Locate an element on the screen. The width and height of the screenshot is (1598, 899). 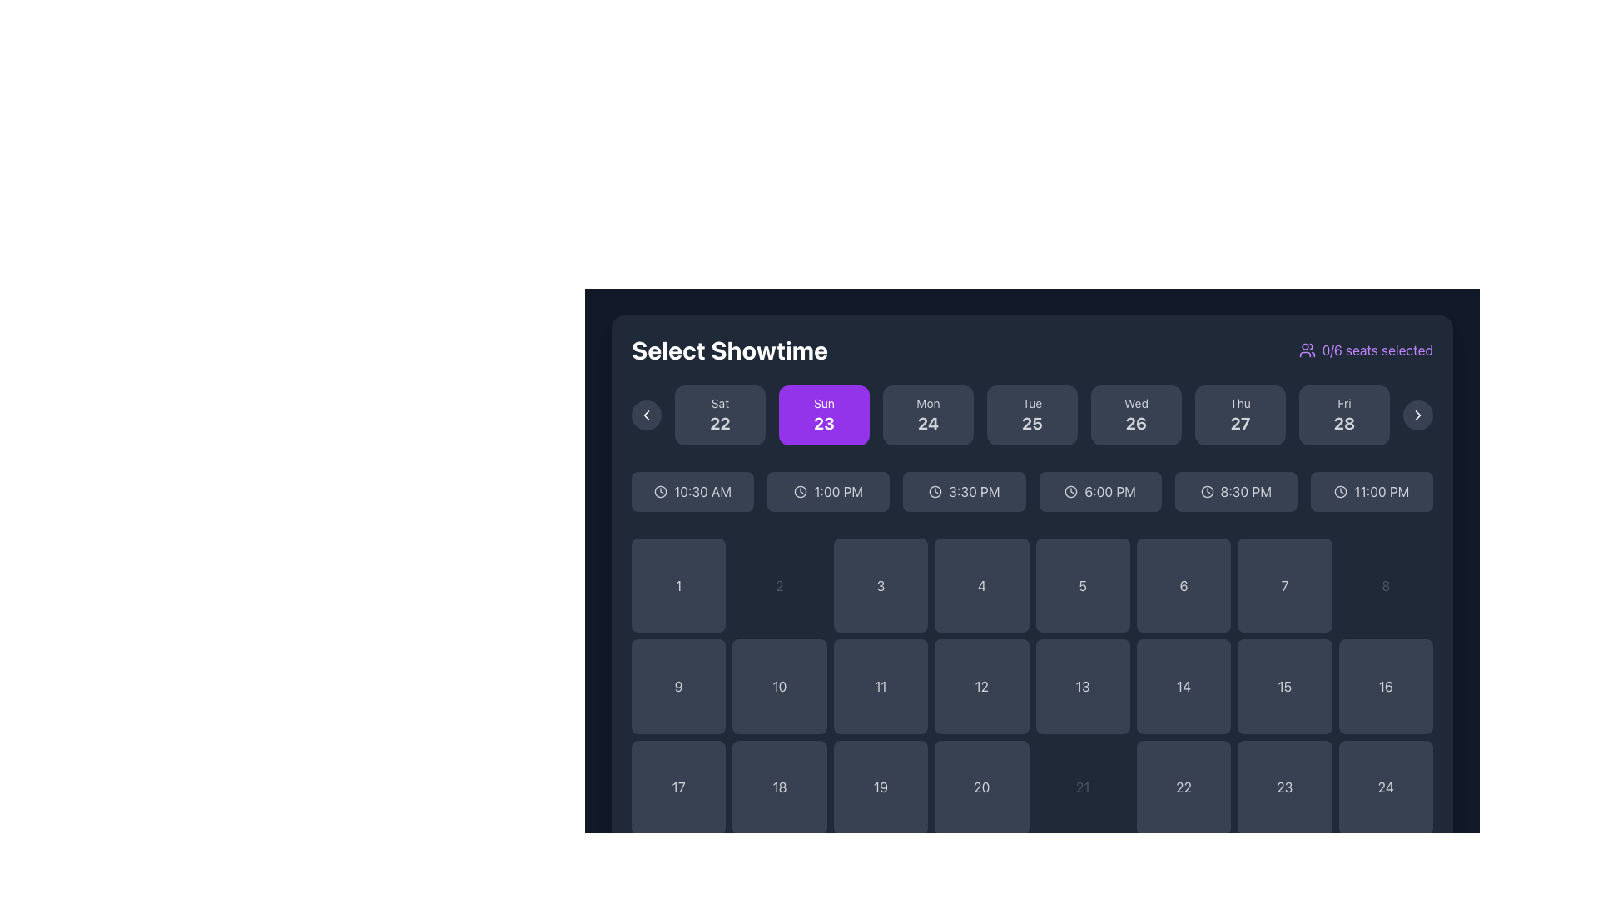
the square button with a dark gray background and highlighted number '13' is located at coordinates (1083, 687).